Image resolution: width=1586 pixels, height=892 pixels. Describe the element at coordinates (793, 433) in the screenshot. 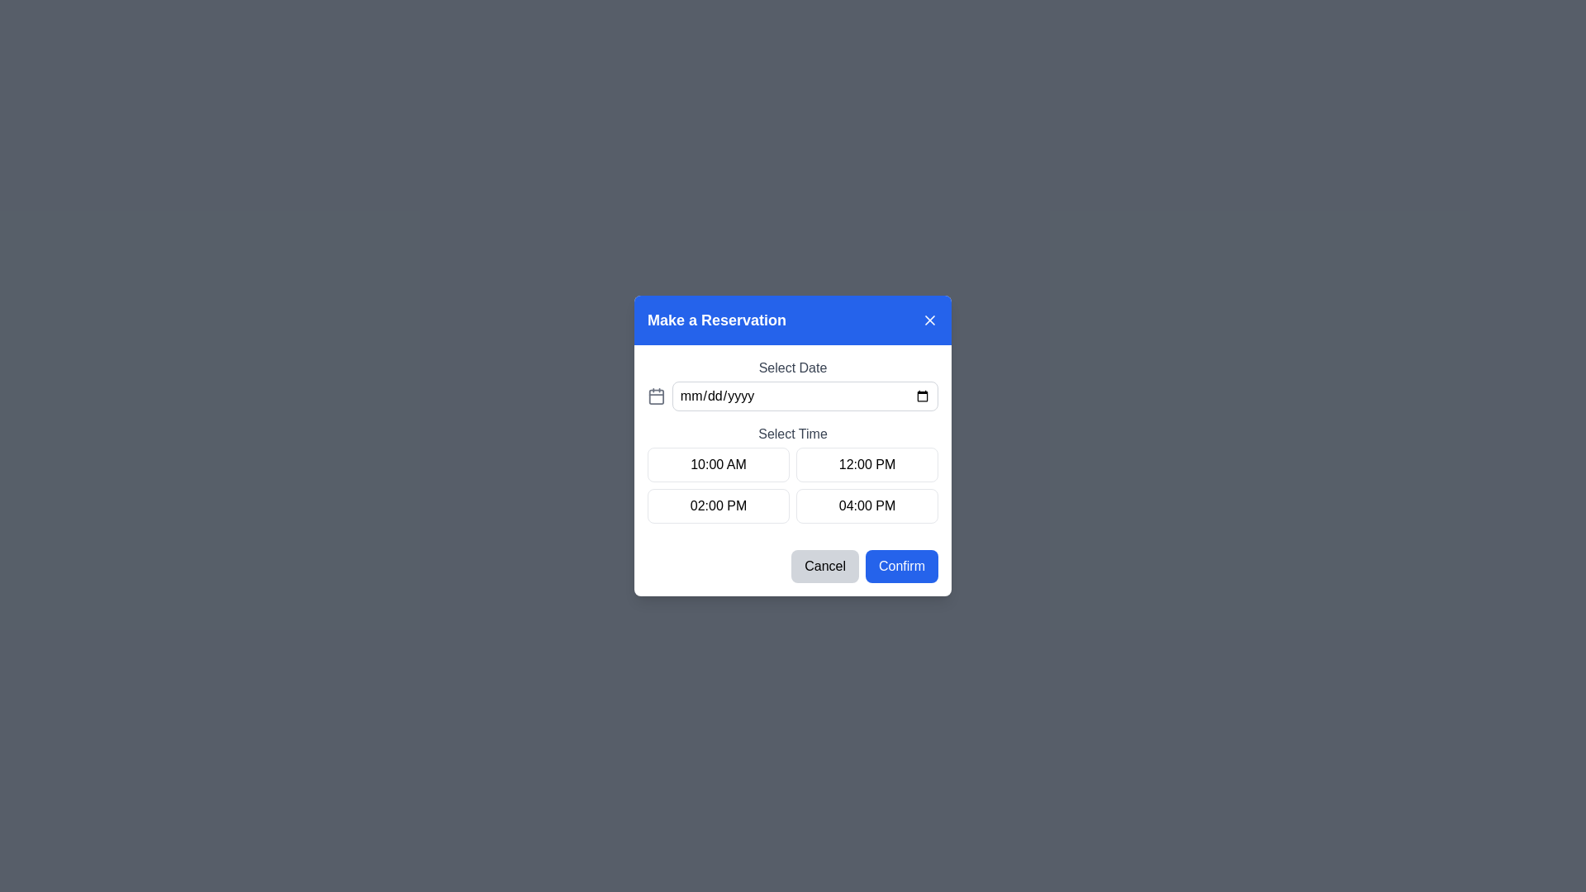

I see `the static text label that serves as a descriptive heading for the time selection options, located at the center of the dialog box, just below the 'Select Date' section` at that location.